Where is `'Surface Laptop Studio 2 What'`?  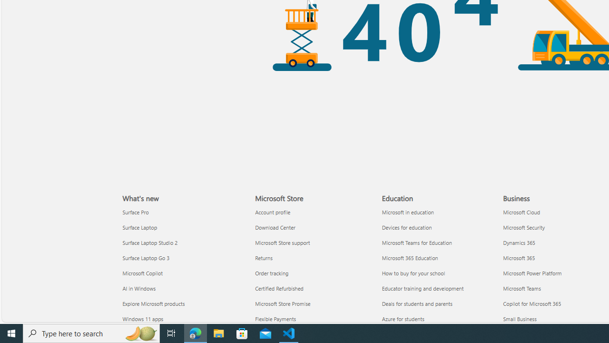 'Surface Laptop Studio 2 What' is located at coordinates (149, 242).